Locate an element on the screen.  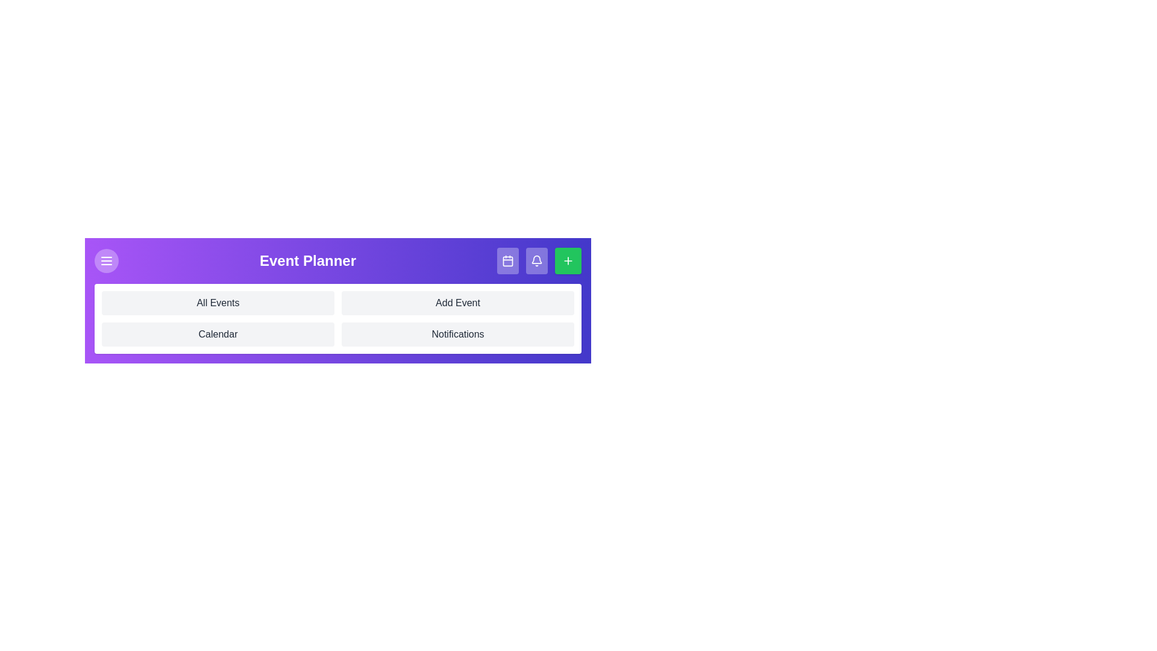
the calendar button to view the calendar is located at coordinates (508, 260).